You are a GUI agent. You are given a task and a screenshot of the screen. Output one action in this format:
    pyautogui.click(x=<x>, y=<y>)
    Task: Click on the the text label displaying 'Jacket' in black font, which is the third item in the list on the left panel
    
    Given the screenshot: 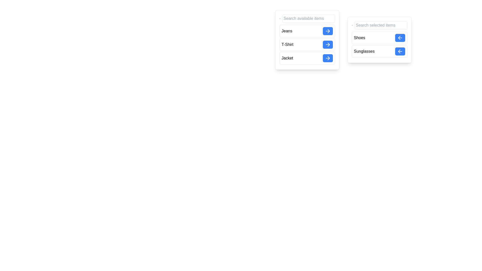 What is the action you would take?
    pyautogui.click(x=287, y=58)
    